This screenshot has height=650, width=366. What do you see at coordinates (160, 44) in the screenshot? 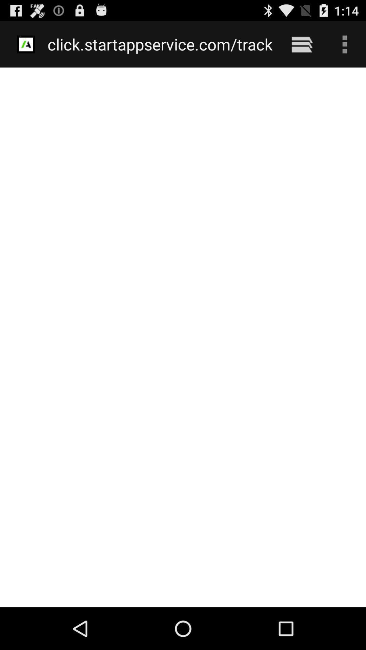
I see `the click startappservice com at the top` at bounding box center [160, 44].